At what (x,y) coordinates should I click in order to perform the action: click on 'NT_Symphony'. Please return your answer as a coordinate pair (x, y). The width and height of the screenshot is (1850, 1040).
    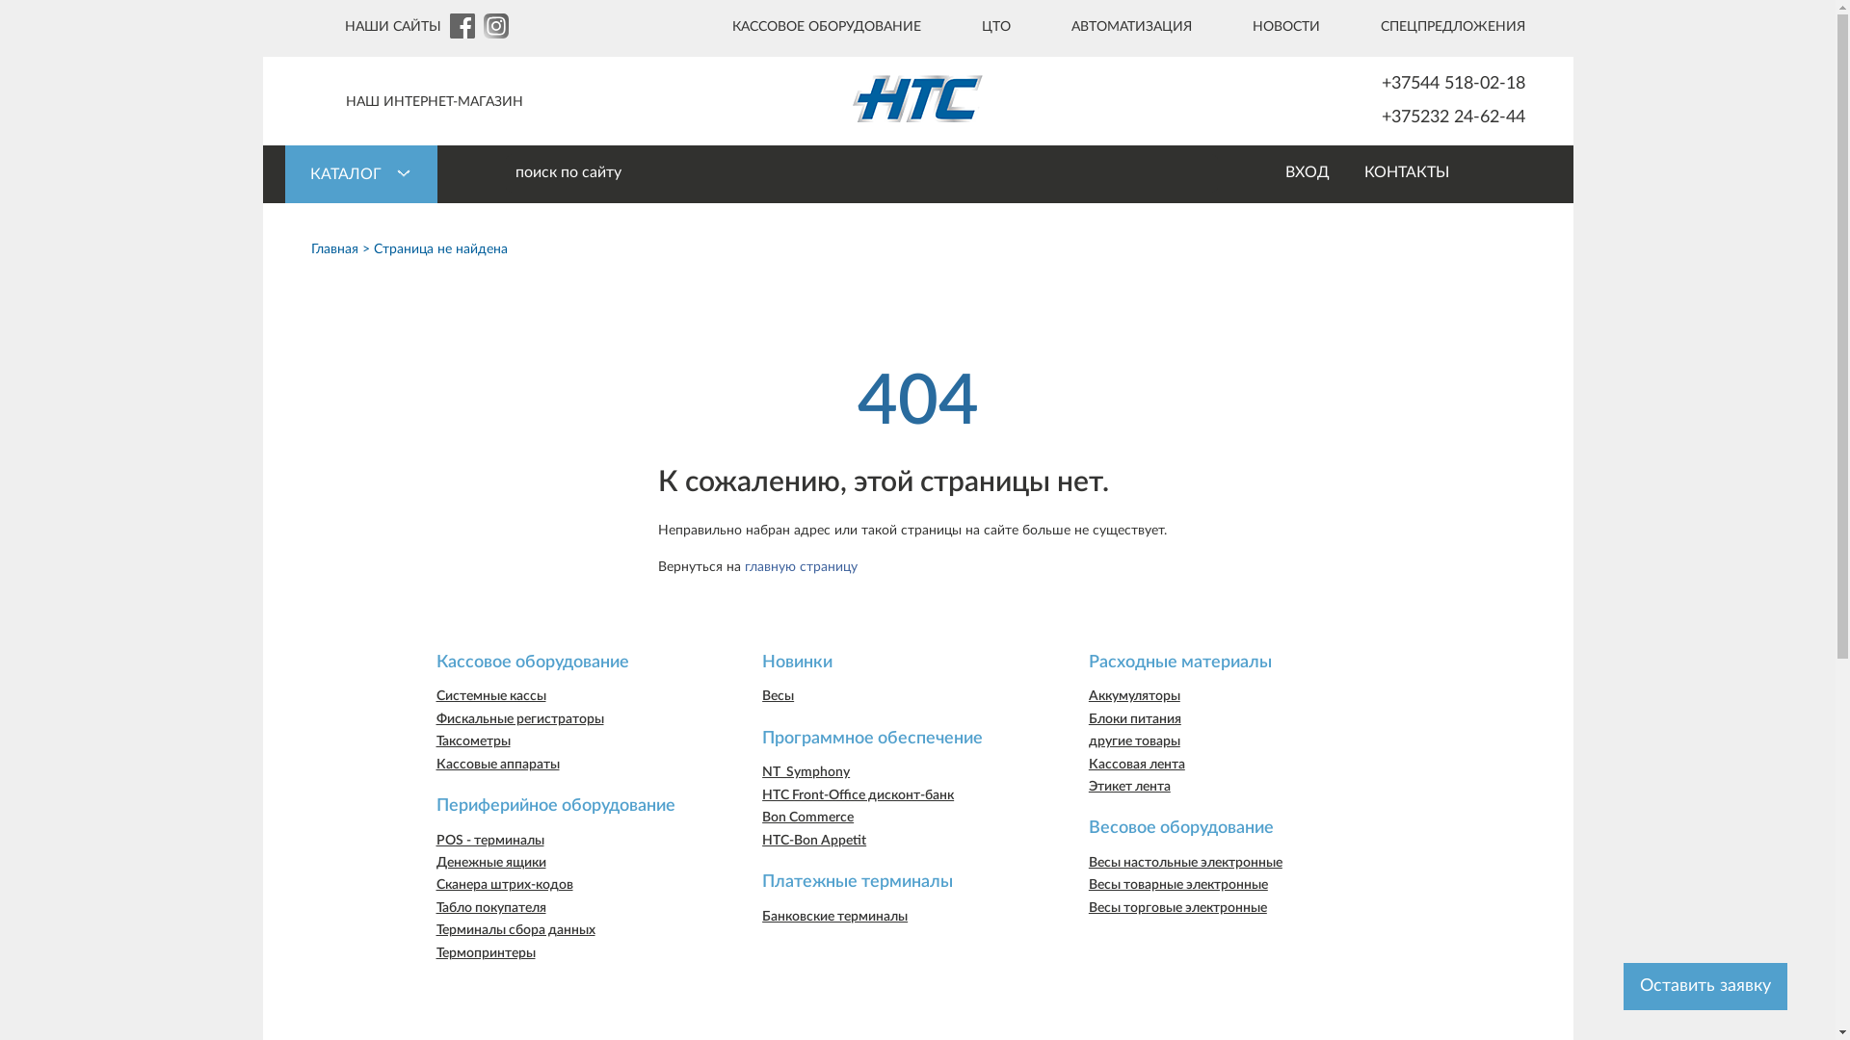
    Looking at the image, I should click on (806, 771).